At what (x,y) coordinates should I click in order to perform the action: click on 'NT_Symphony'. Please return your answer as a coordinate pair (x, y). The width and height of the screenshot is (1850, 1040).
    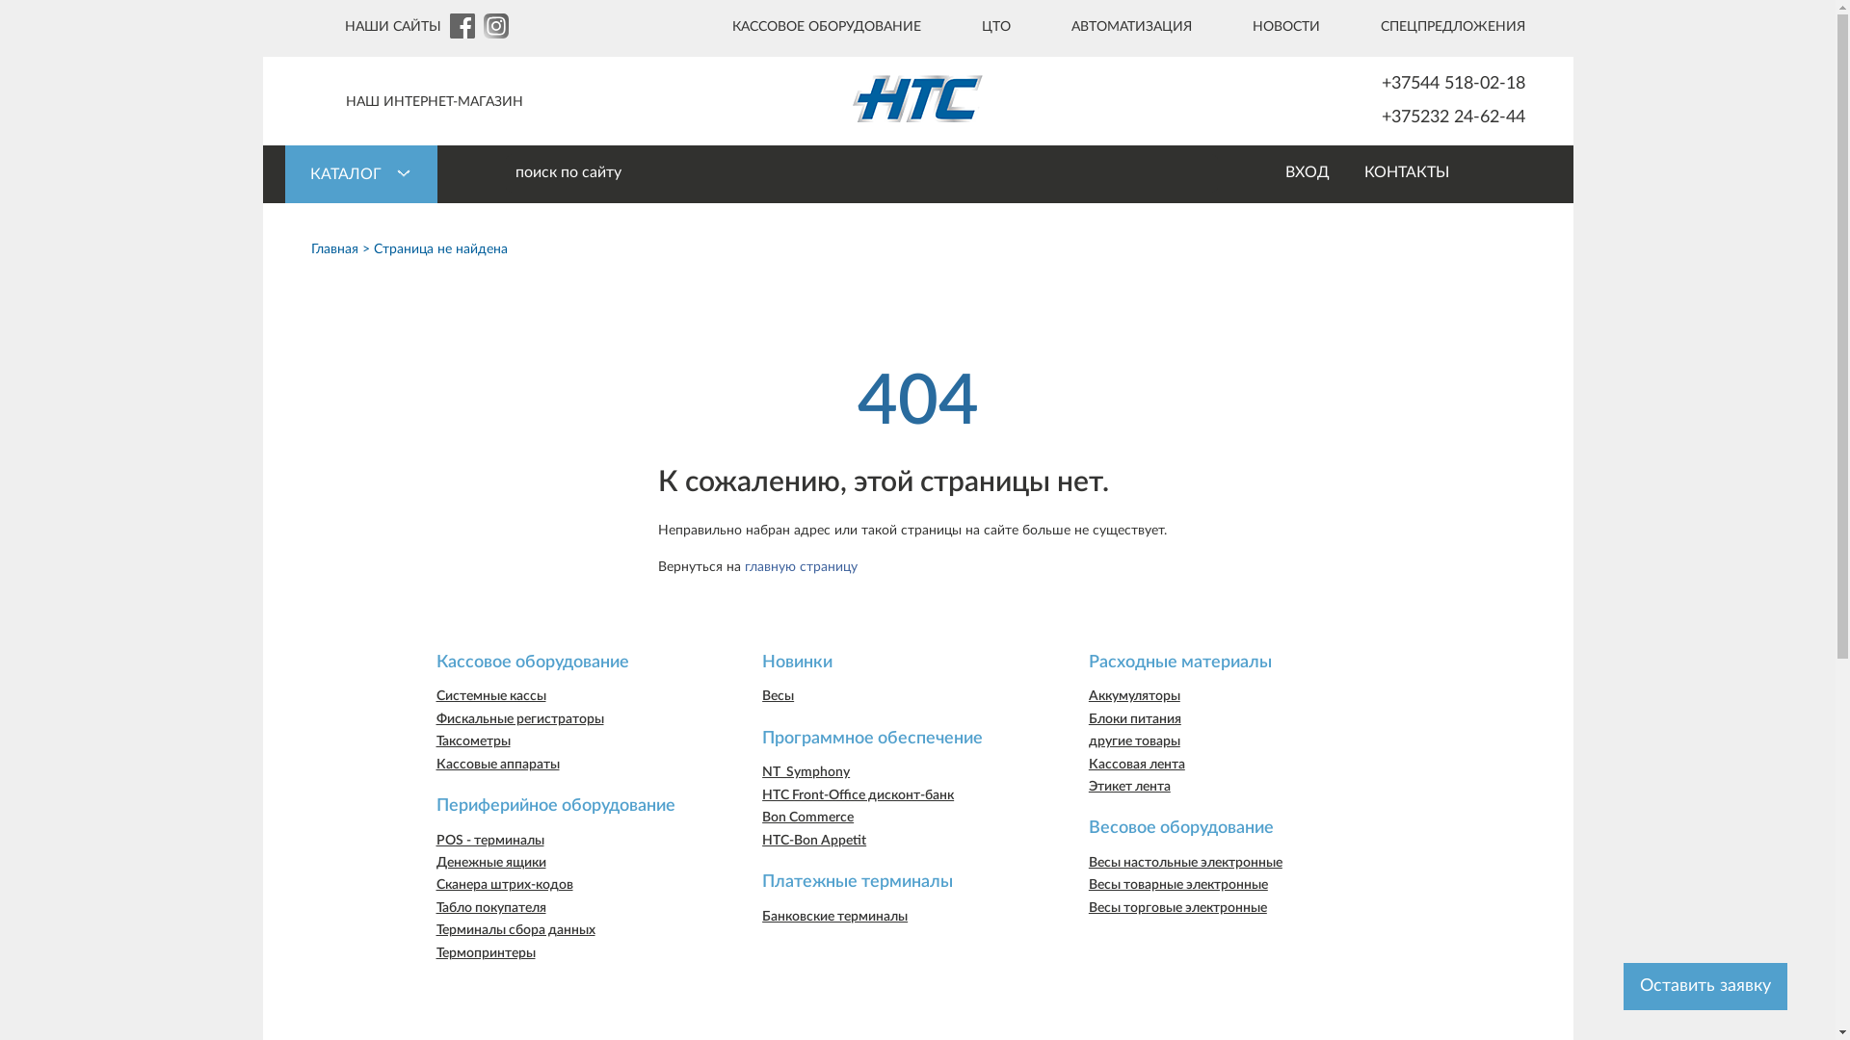
    Looking at the image, I should click on (806, 771).